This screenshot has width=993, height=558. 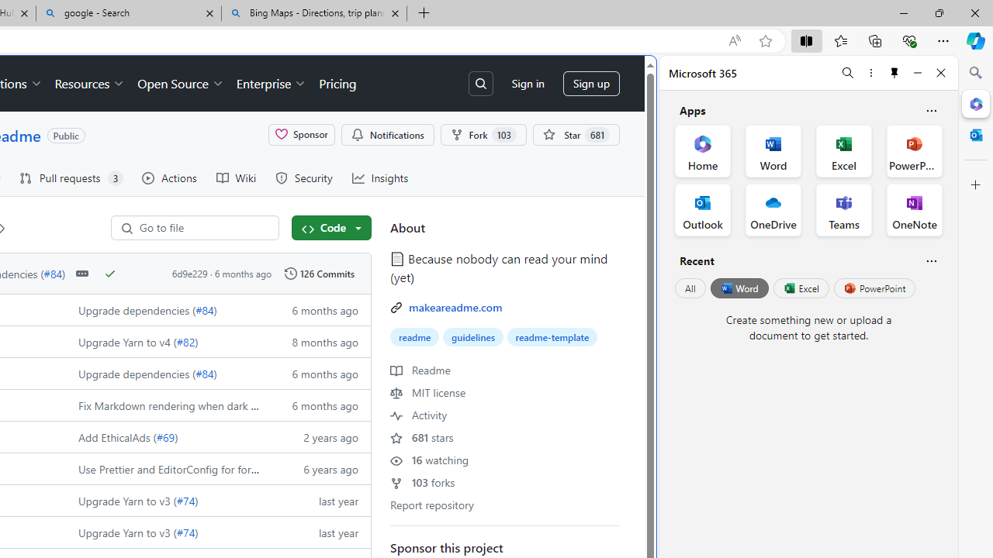 What do you see at coordinates (317, 467) in the screenshot?
I see `'6 years ago'` at bounding box center [317, 467].